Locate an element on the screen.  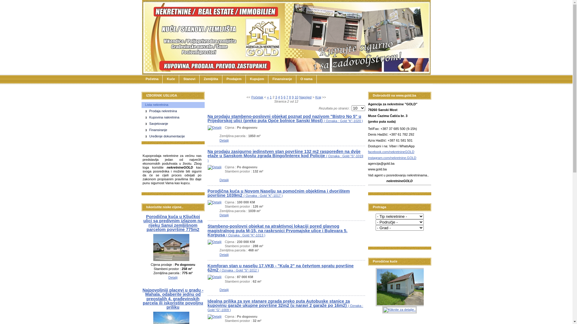
'Kliknite za detalje..' is located at coordinates (399, 310).